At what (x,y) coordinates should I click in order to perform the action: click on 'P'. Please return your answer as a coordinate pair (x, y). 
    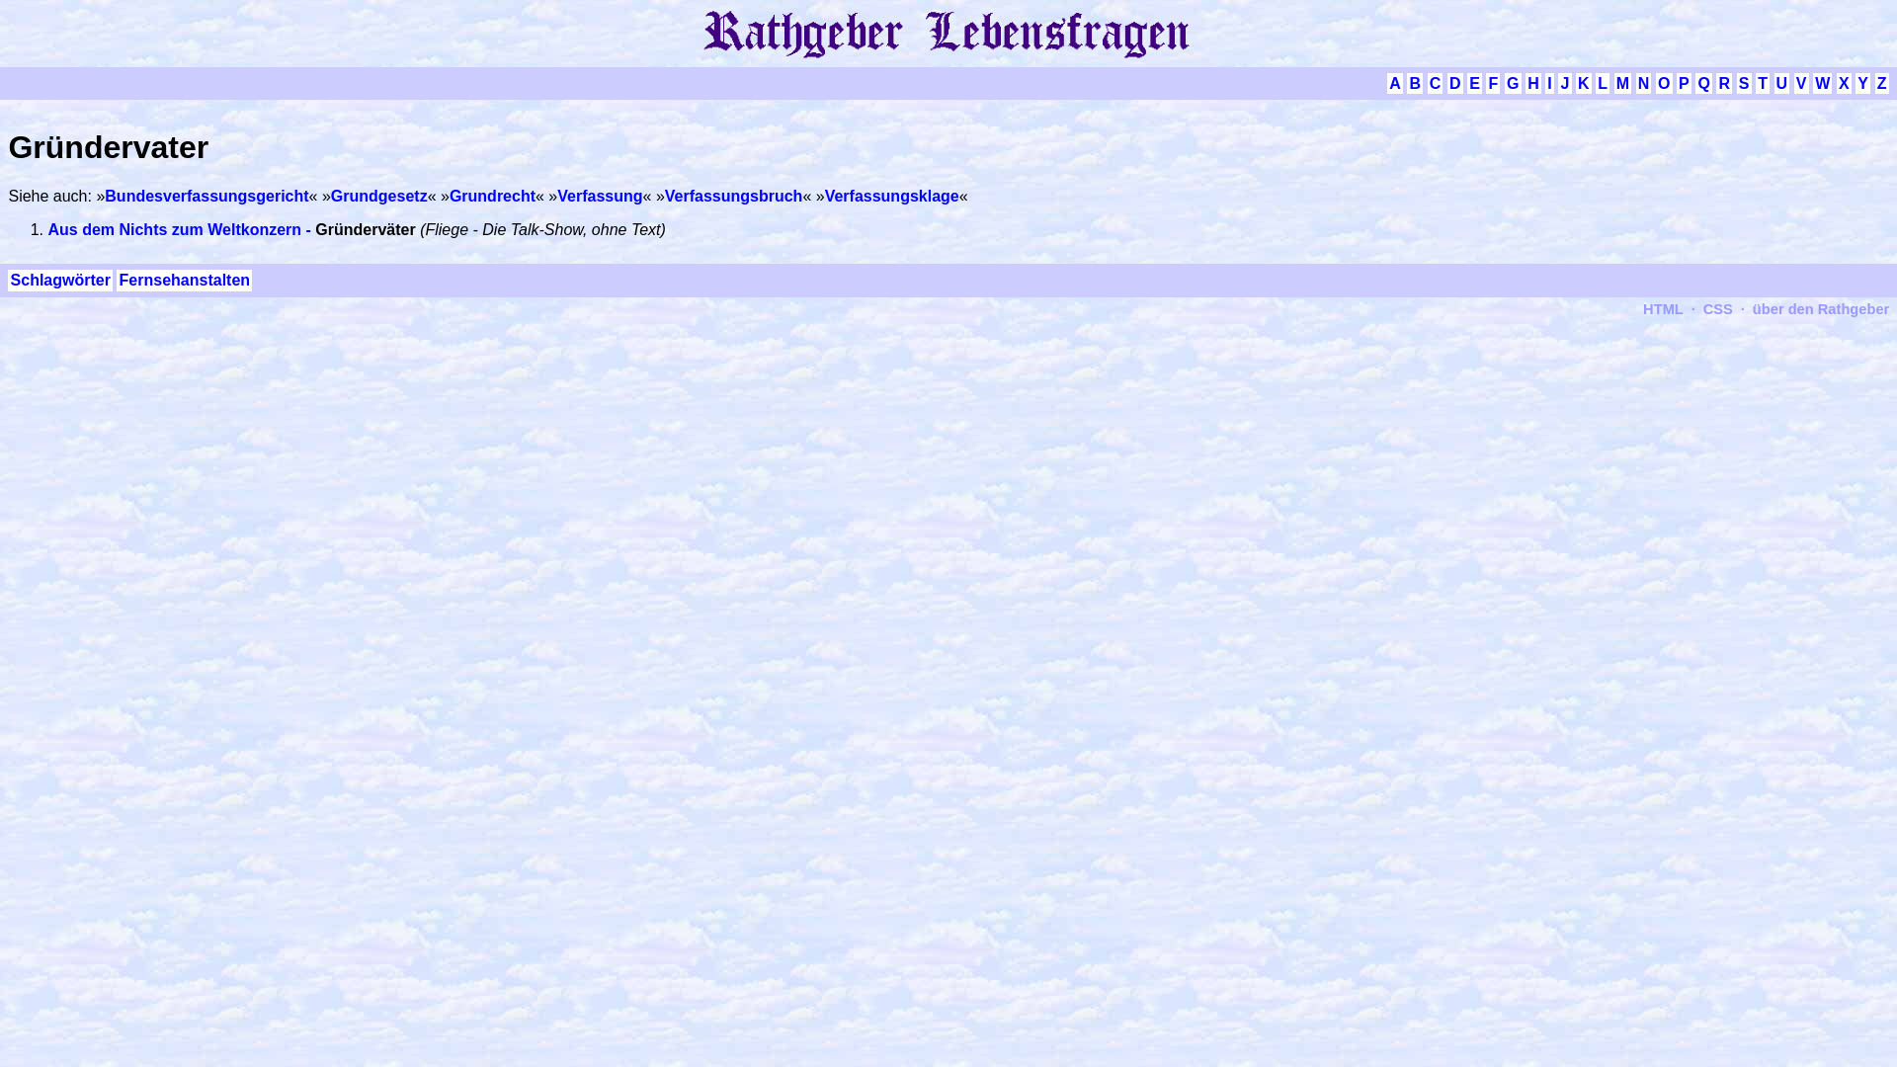
    Looking at the image, I should click on (1676, 82).